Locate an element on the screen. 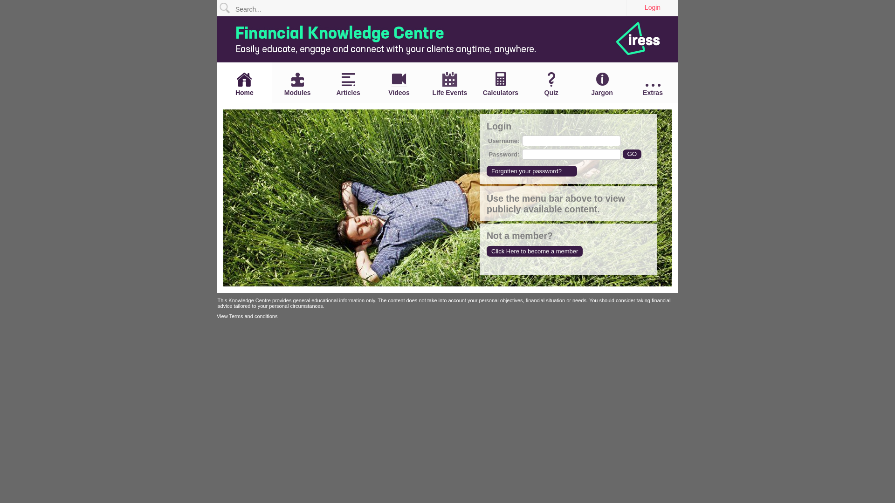  'GO' is located at coordinates (632, 153).